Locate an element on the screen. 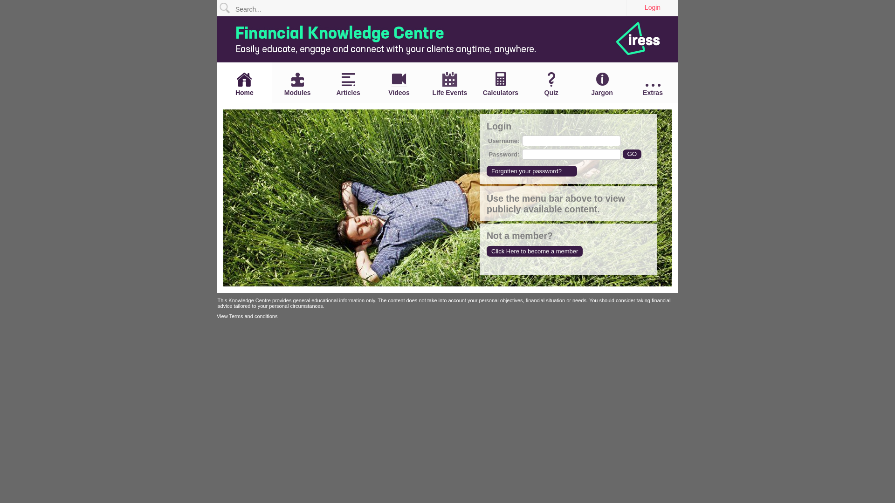  'GO' is located at coordinates (632, 153).